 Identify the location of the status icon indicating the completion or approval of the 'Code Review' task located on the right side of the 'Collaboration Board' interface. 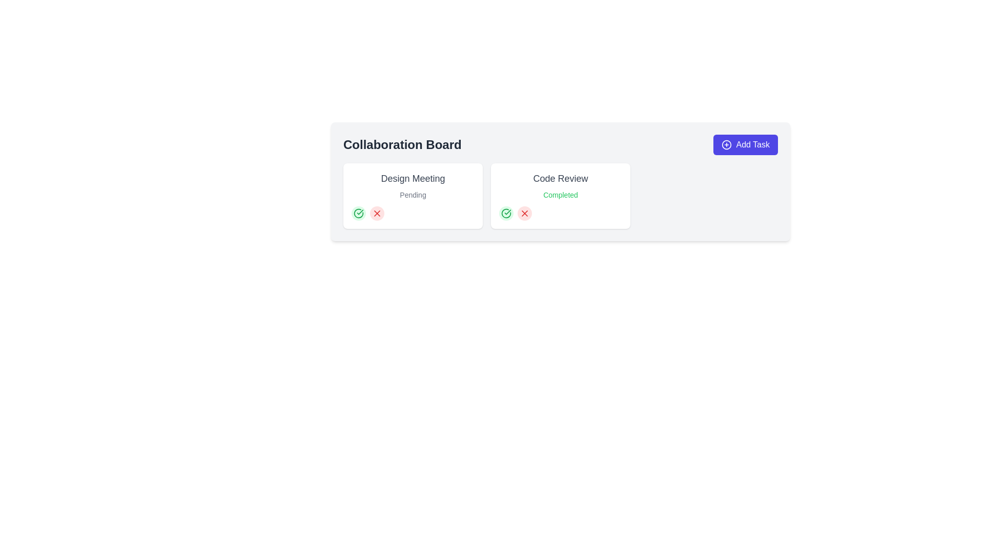
(506, 212).